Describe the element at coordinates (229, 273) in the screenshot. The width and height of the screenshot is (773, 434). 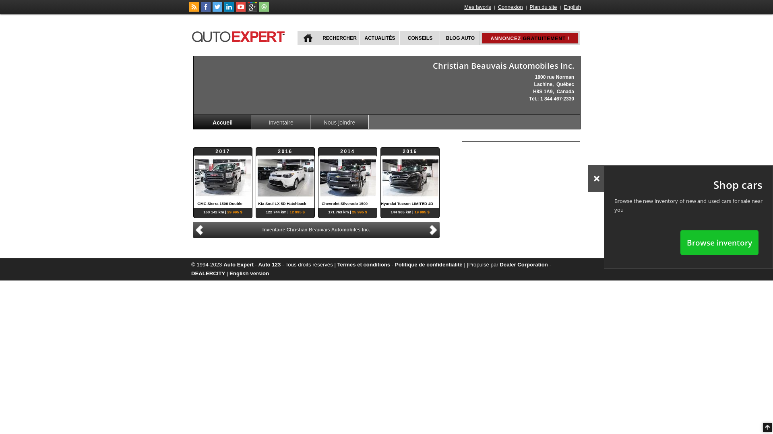
I see `'English version'` at that location.